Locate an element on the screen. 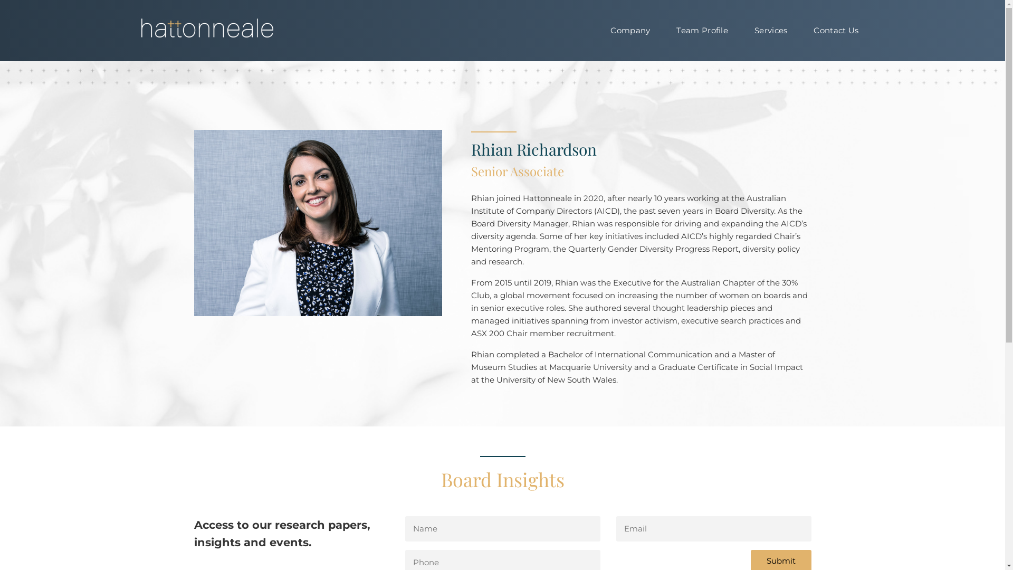  'Services' is located at coordinates (770, 30).